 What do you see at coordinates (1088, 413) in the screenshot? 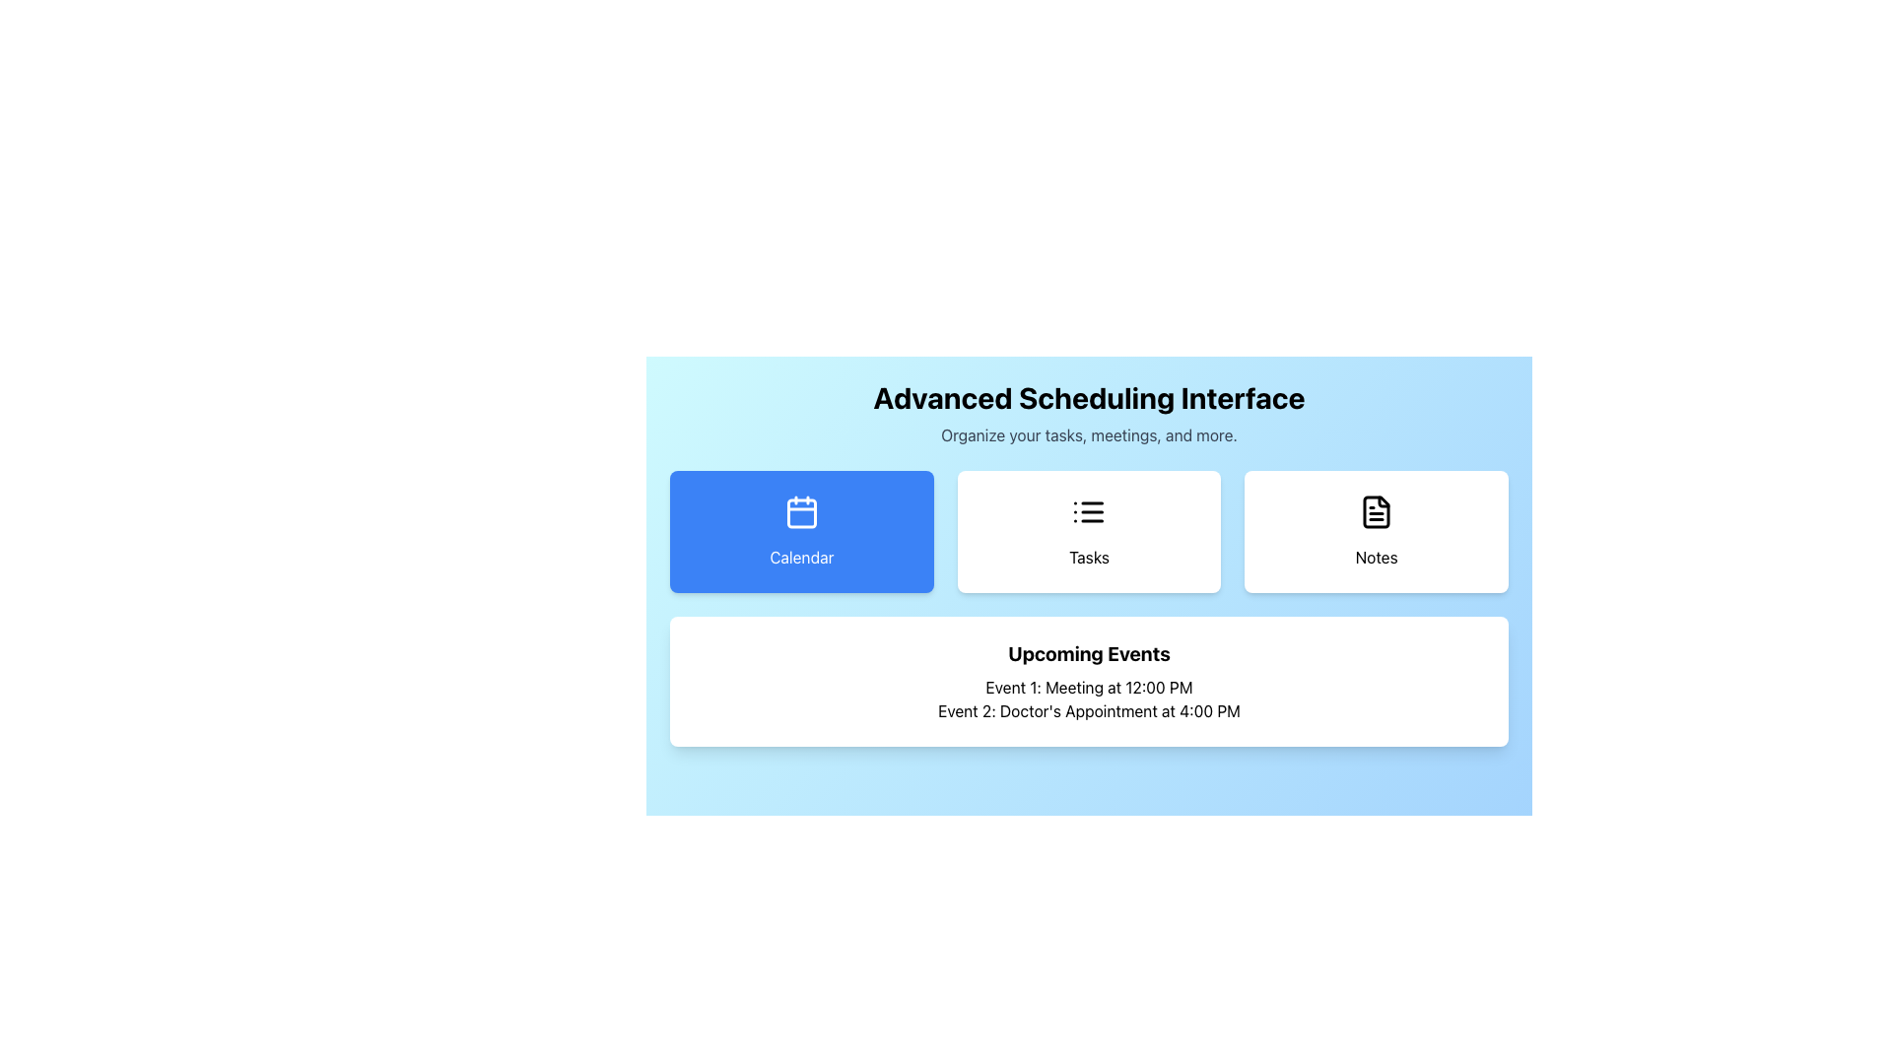
I see `the Text block (Header and Subtitle) that provides context for the application interface, positioned at the top-center above the interactive buttons` at bounding box center [1088, 413].